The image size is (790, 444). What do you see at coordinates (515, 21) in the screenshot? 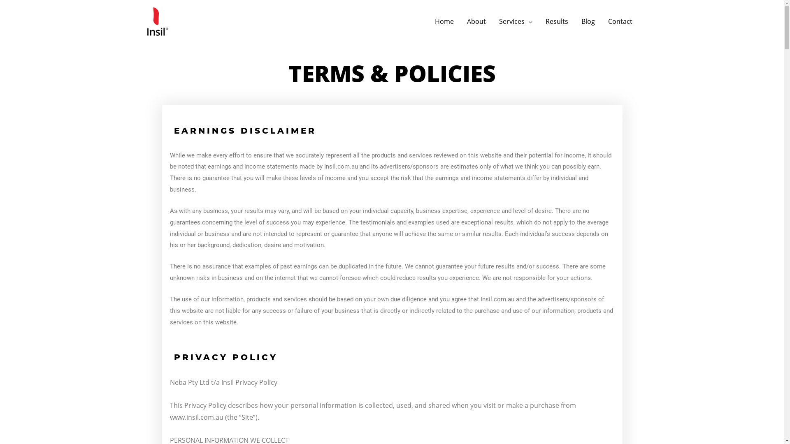
I see `'Services'` at bounding box center [515, 21].